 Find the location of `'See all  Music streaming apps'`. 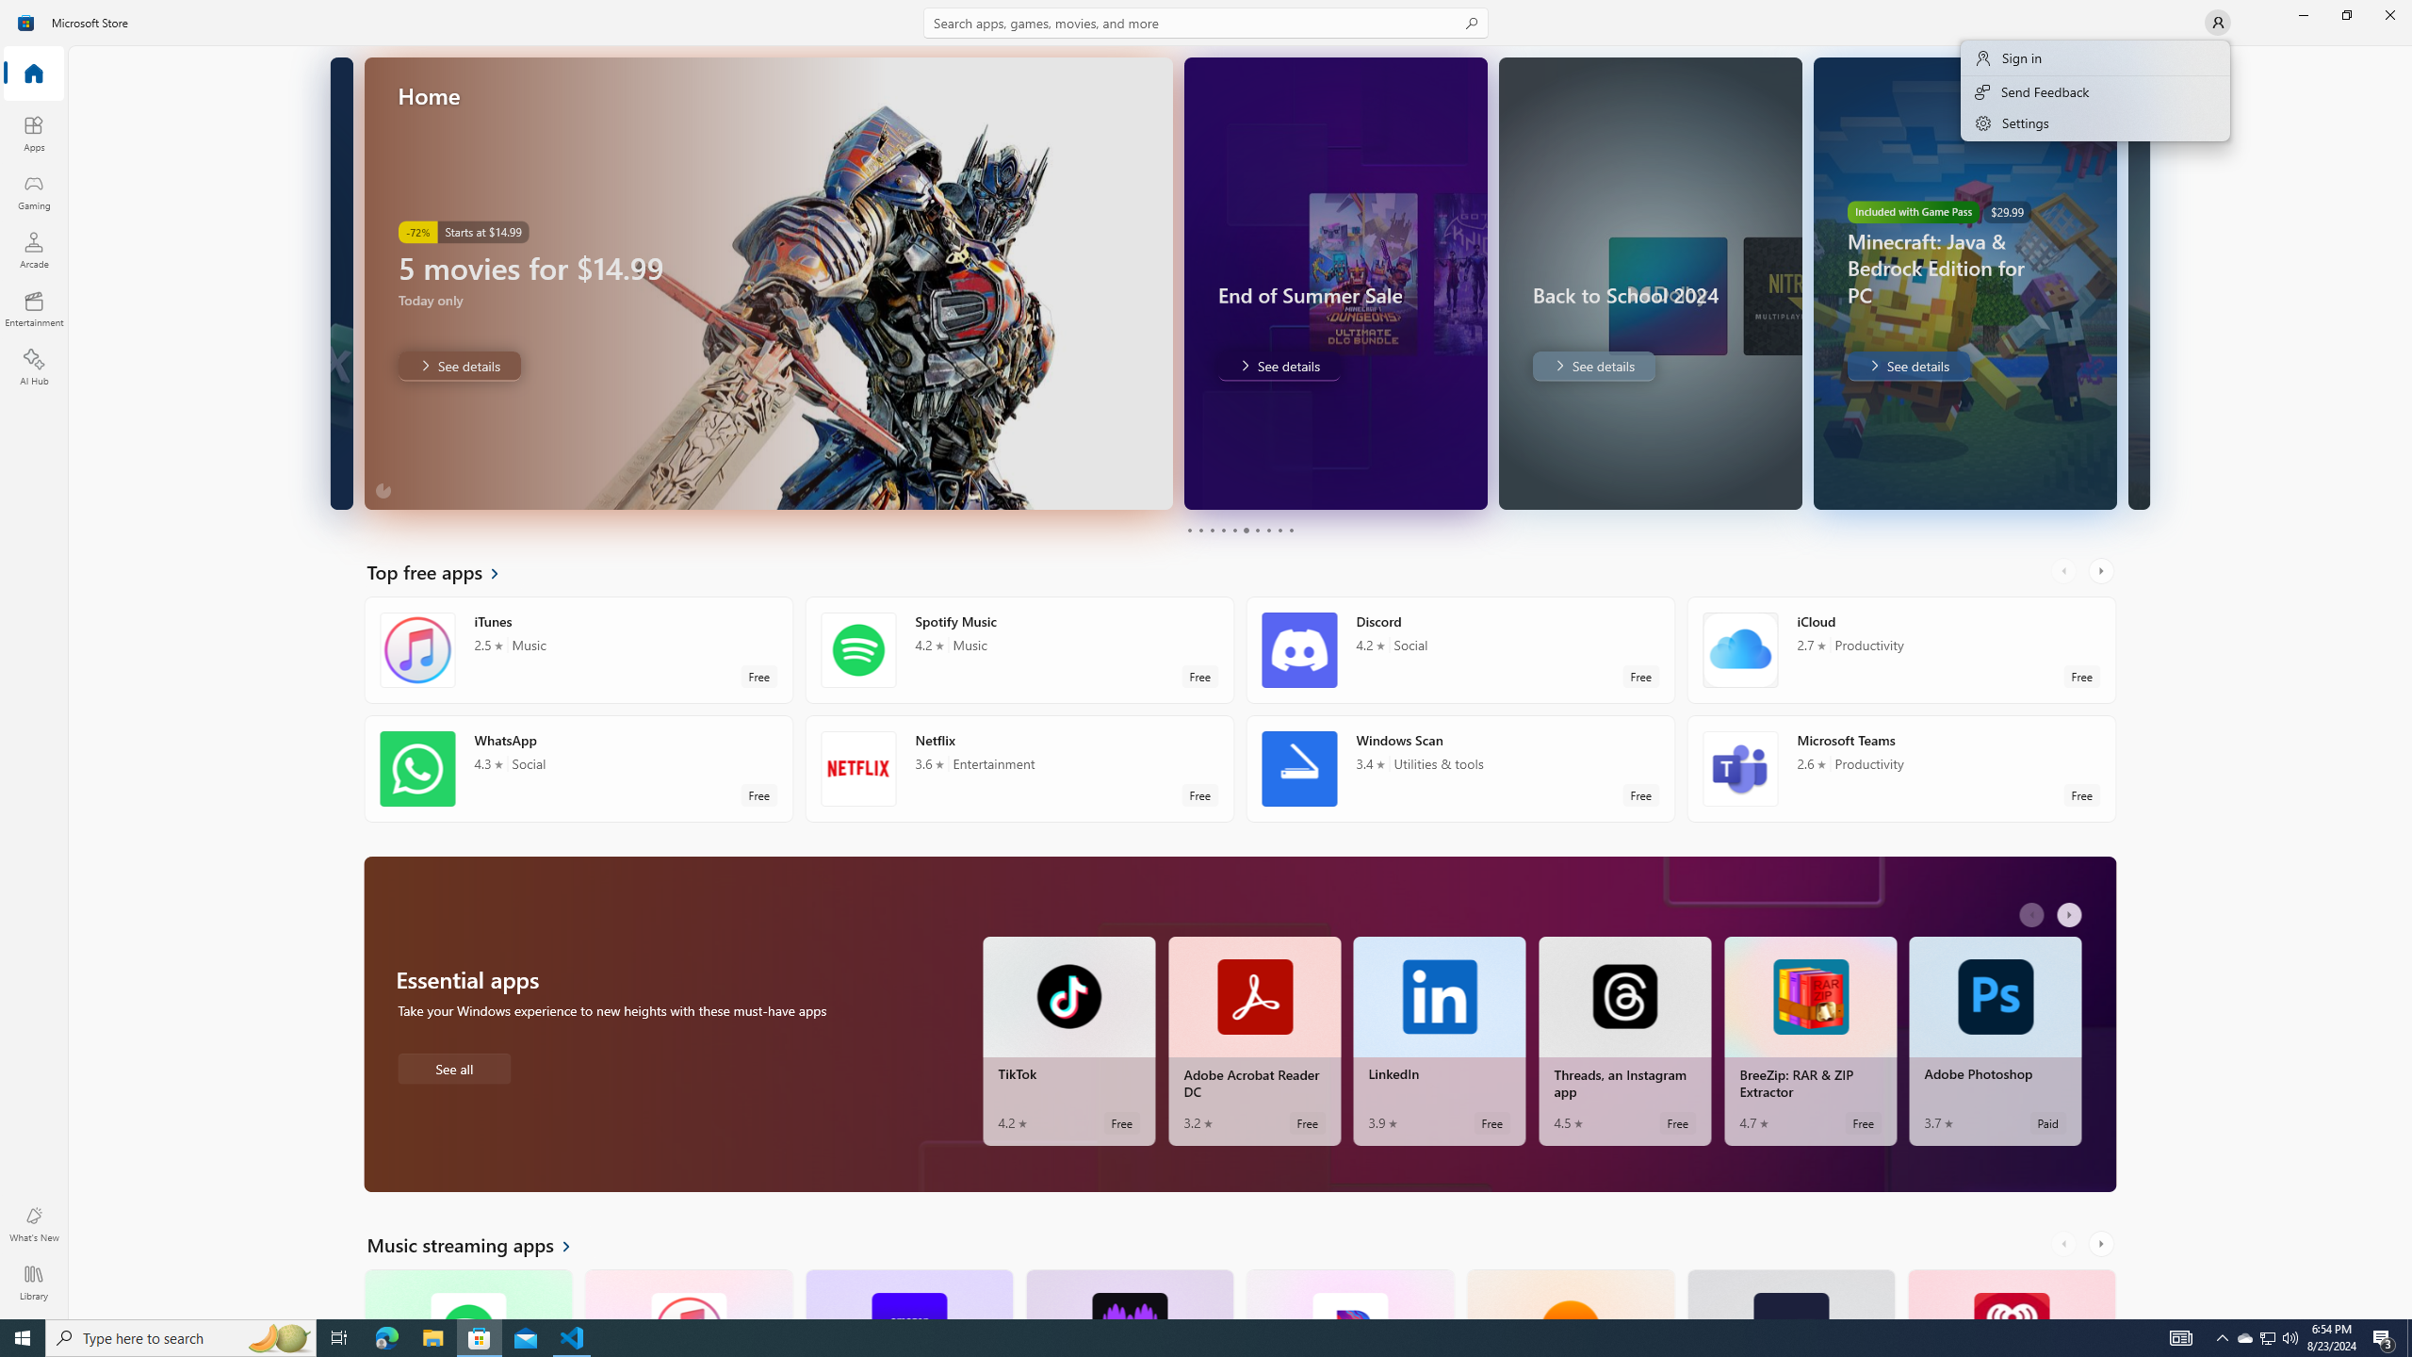

'See all  Music streaming apps' is located at coordinates (480, 1244).